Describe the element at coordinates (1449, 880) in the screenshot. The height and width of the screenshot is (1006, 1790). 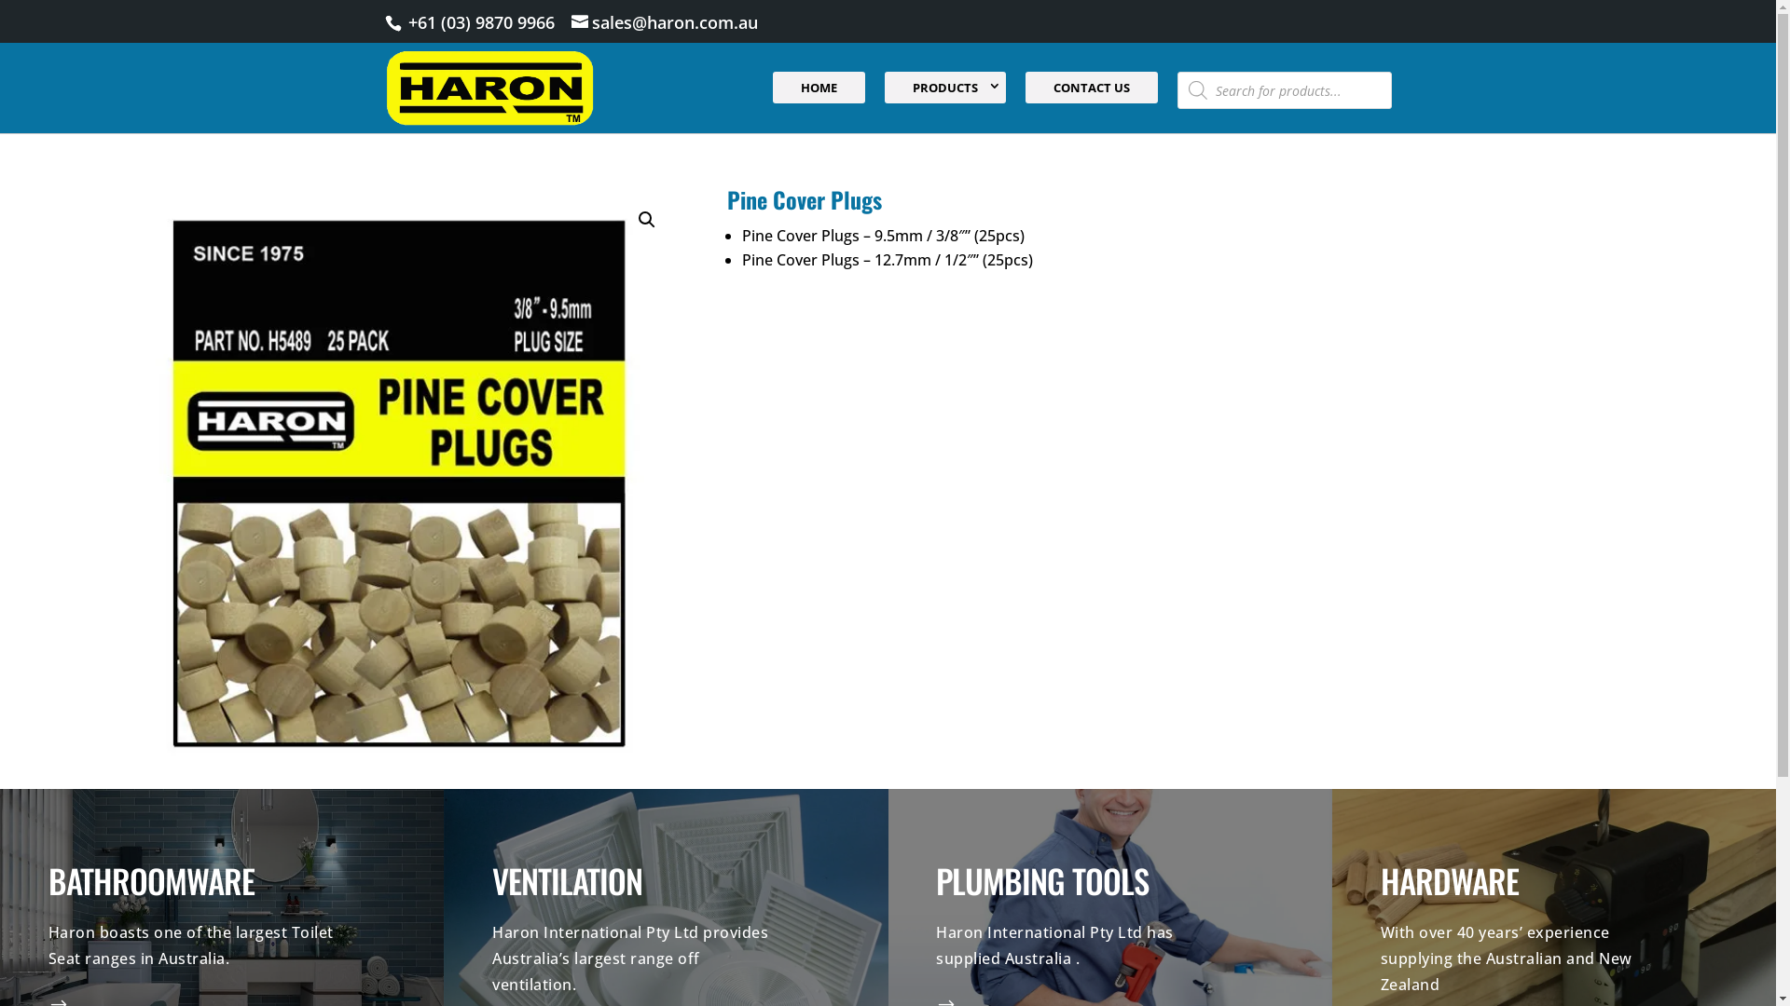
I see `'HARDWARE'` at that location.